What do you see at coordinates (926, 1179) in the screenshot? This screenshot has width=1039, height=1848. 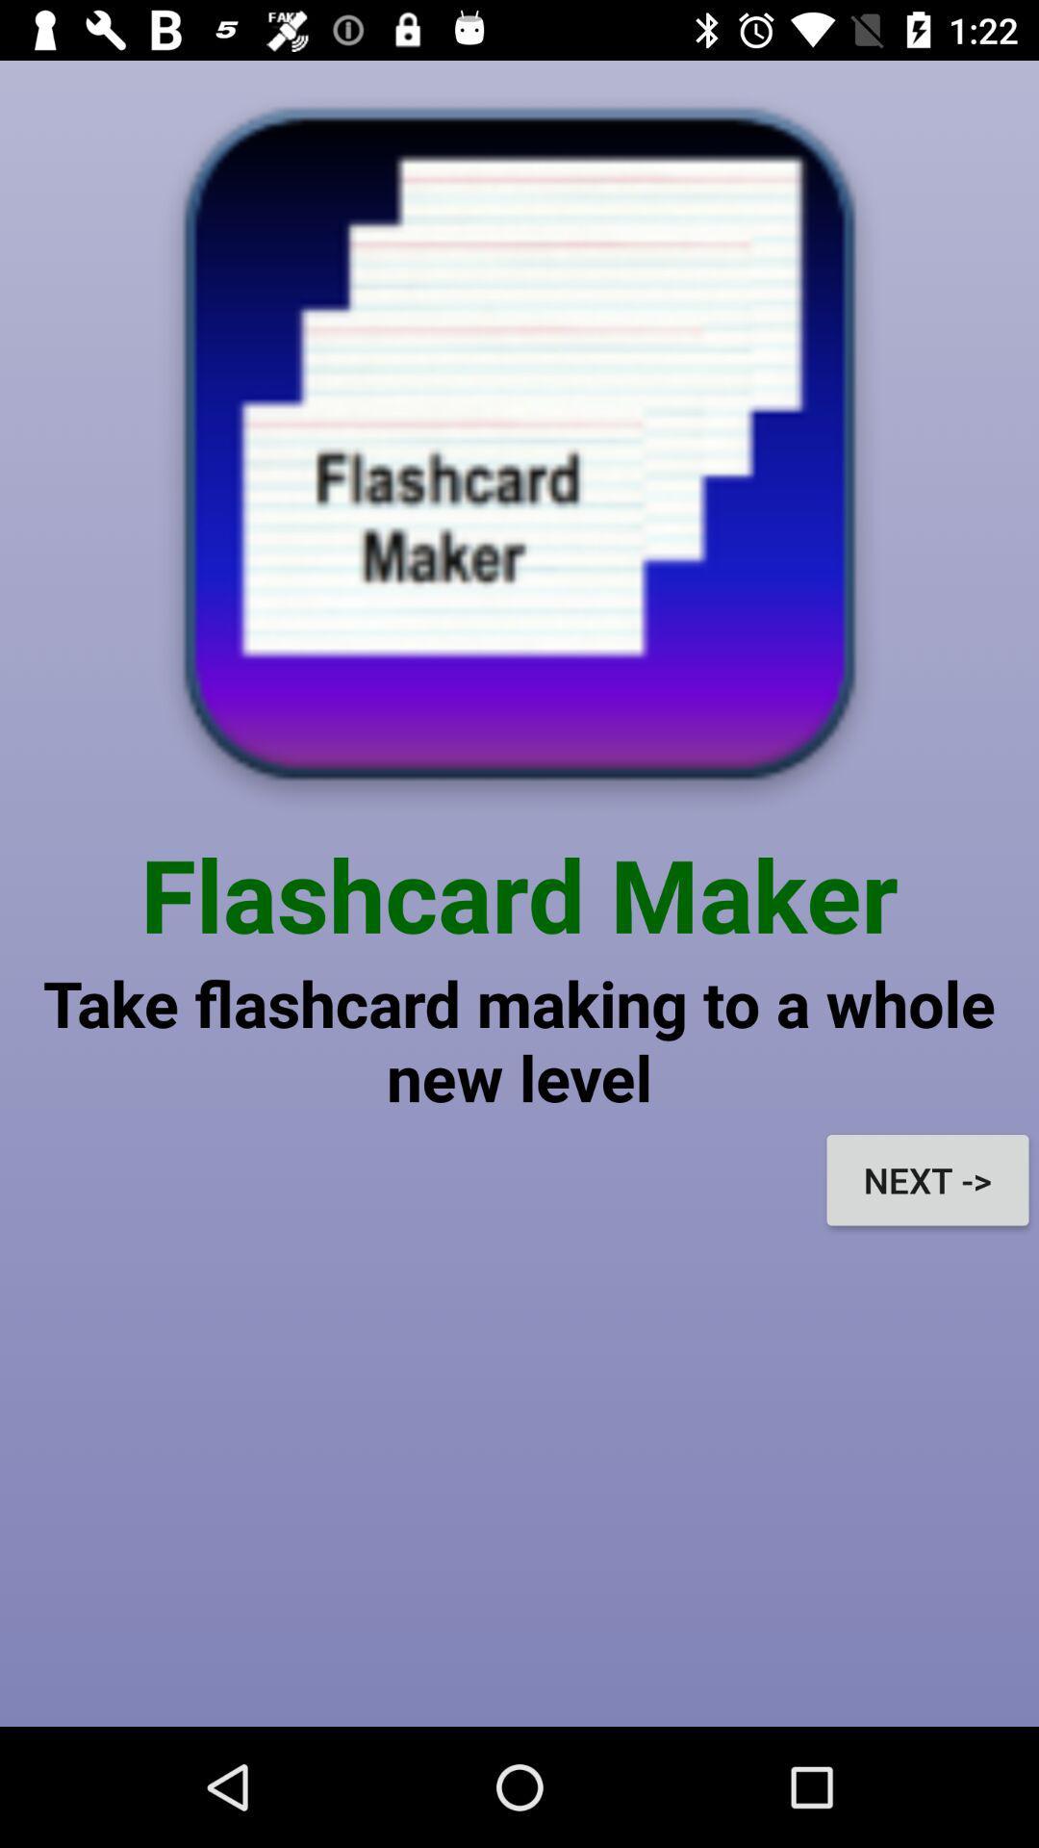 I see `next -> icon` at bounding box center [926, 1179].